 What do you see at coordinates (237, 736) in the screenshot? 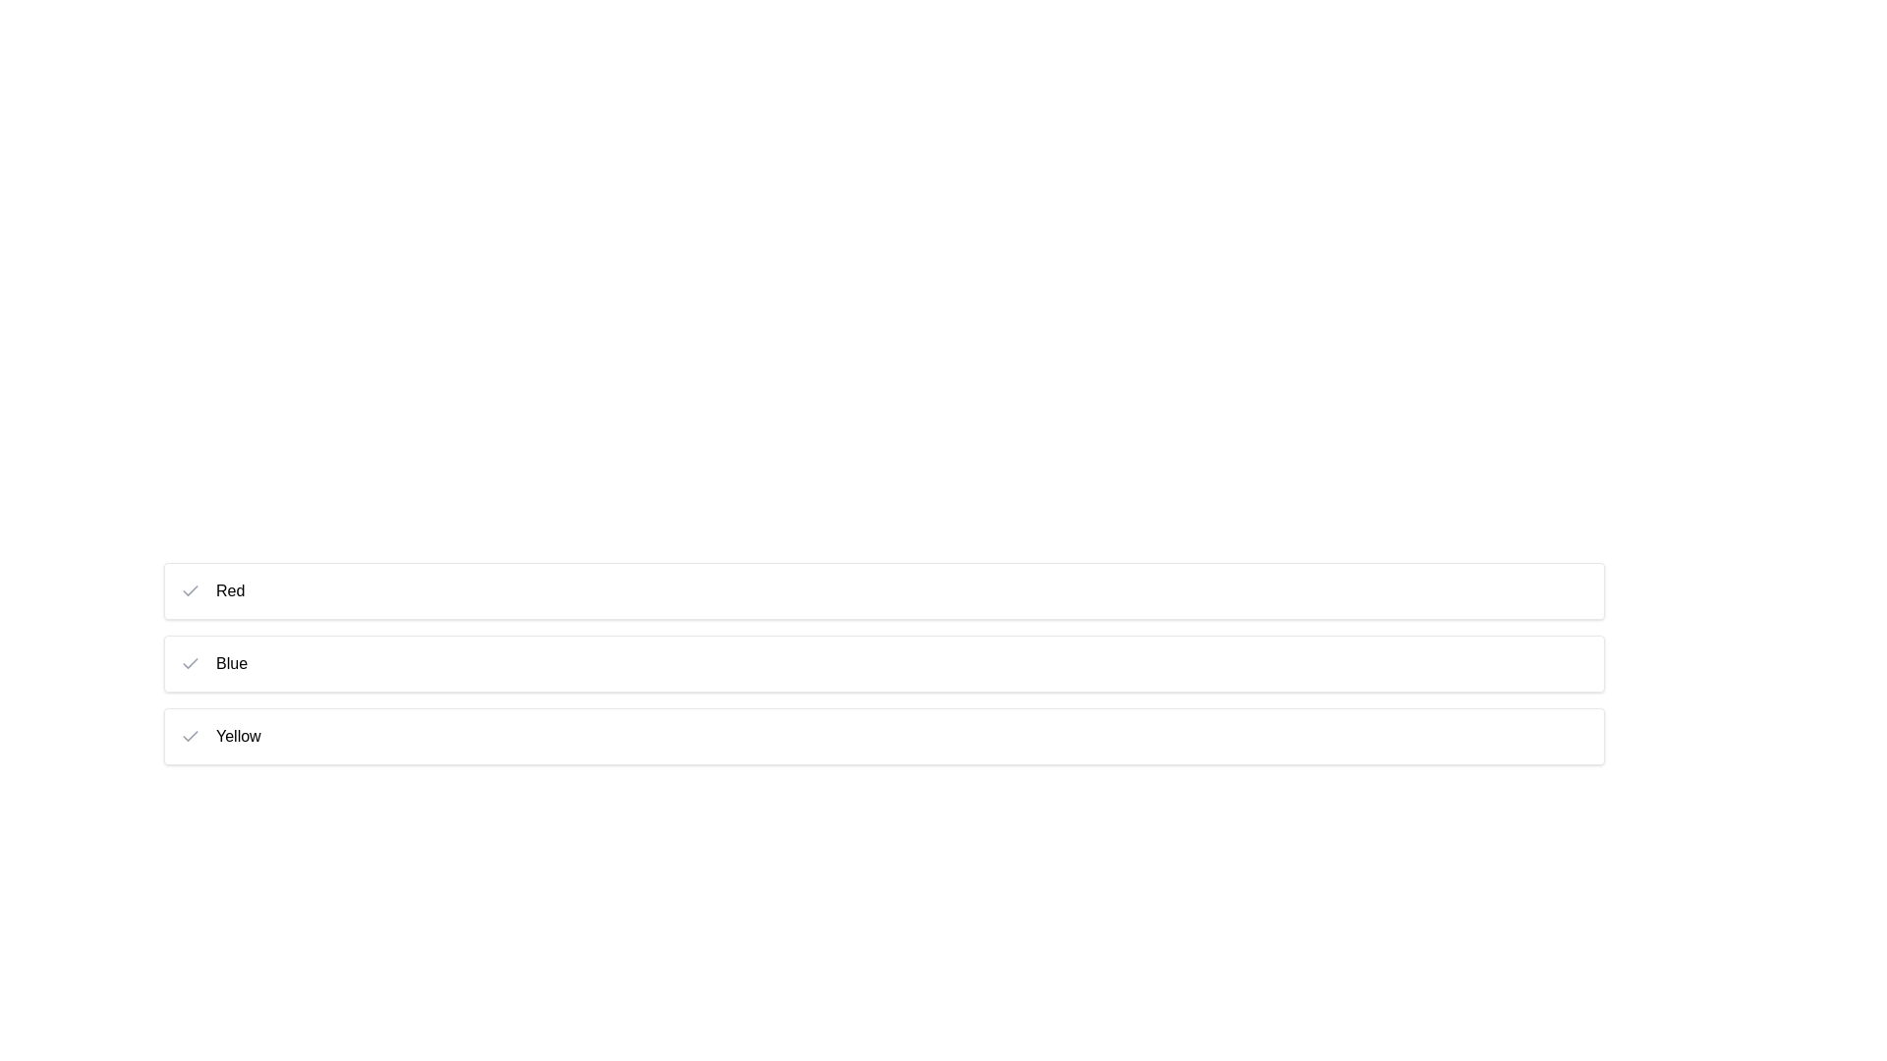
I see `the text label displaying 'Yellow', which is located at the bottommost selectable item in a vertical list, aligned next to a checkmark icon` at bounding box center [237, 736].